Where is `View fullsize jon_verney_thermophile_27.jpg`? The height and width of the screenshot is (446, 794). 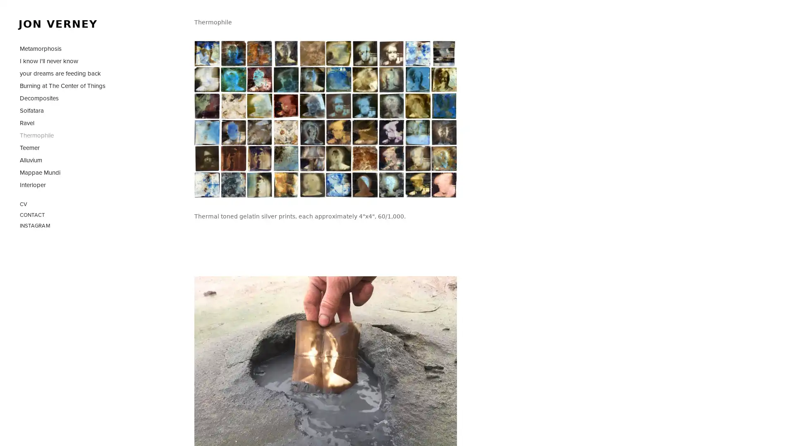
View fullsize jon_verney_thermophile_27.jpg is located at coordinates (390, 132).